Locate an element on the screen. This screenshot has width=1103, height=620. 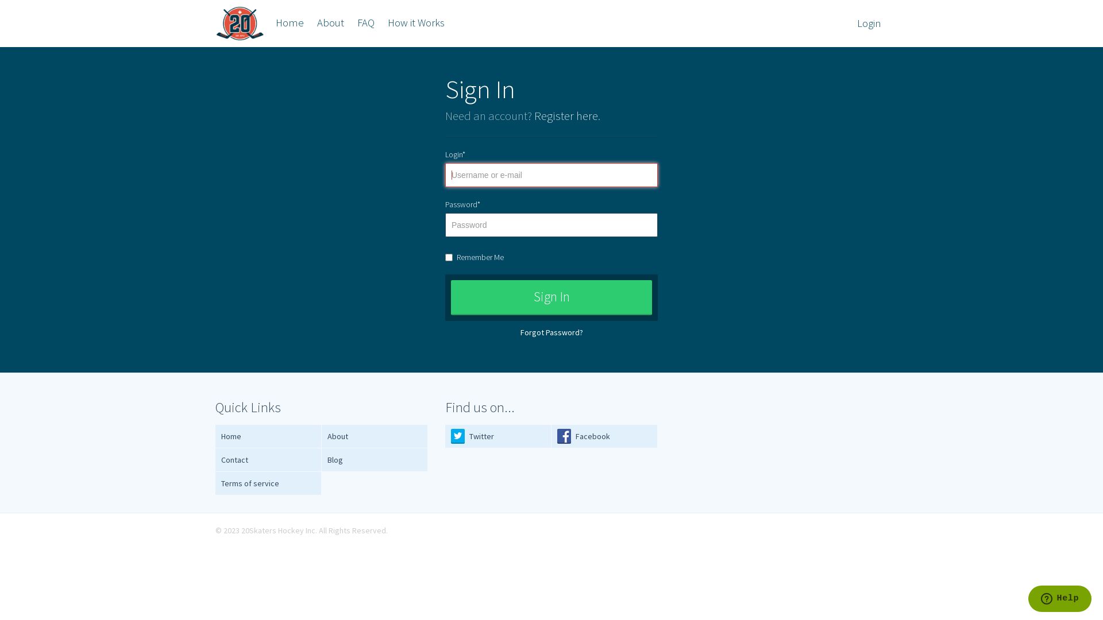
'Register here' is located at coordinates (566, 115).